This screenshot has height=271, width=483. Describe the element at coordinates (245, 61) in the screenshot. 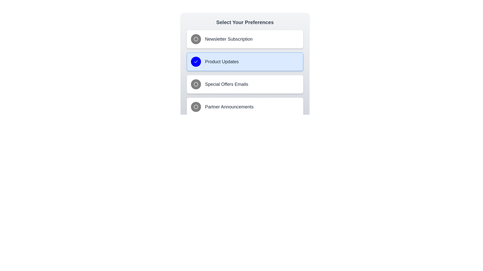

I see `the preference option Product Updates` at that location.